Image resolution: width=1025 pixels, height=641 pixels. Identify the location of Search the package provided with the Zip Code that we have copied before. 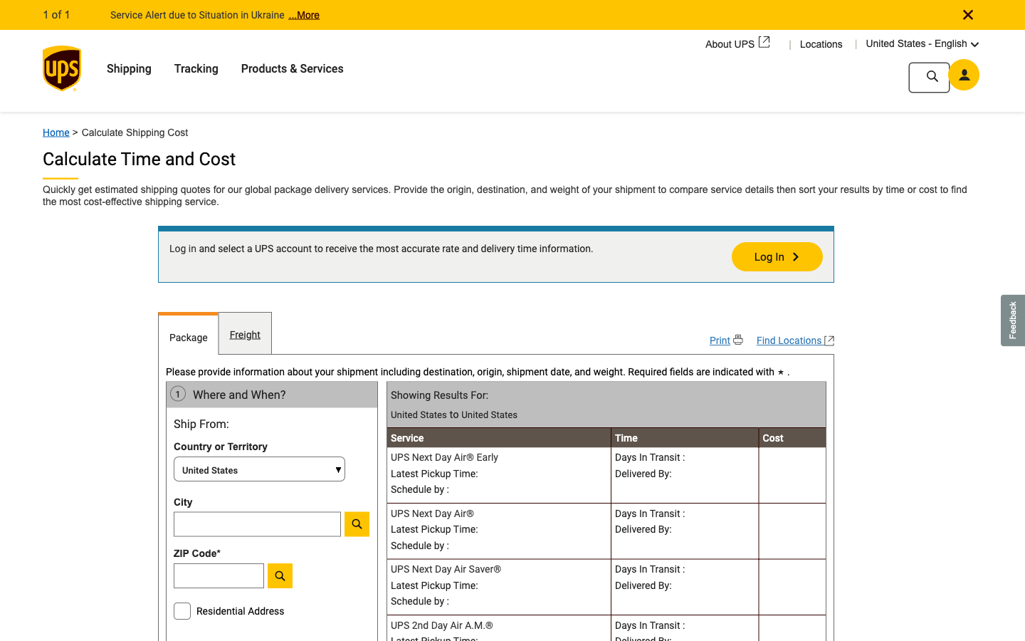
(256, 579).